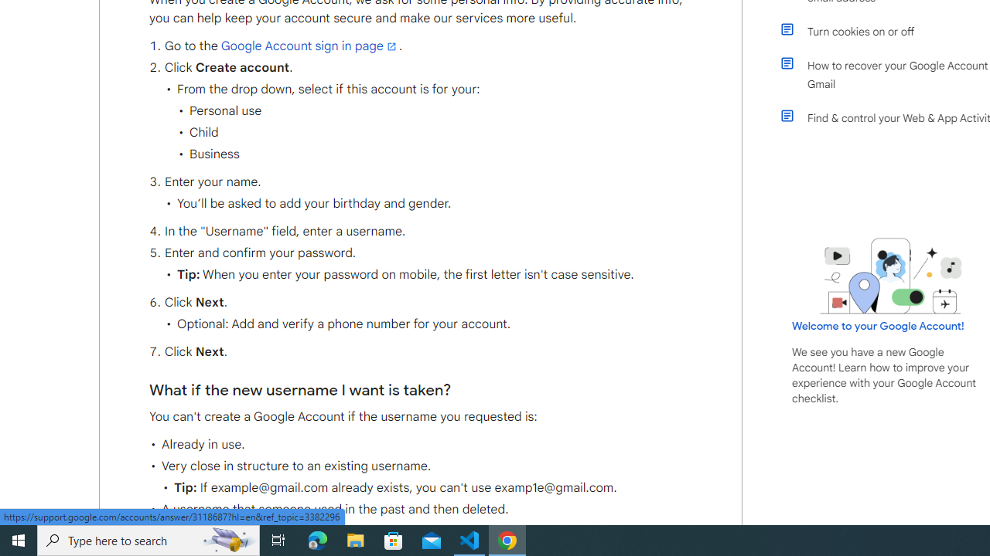 Image resolution: width=990 pixels, height=556 pixels. Describe the element at coordinates (878, 325) in the screenshot. I see `'Welcome to your Google Account!'` at that location.